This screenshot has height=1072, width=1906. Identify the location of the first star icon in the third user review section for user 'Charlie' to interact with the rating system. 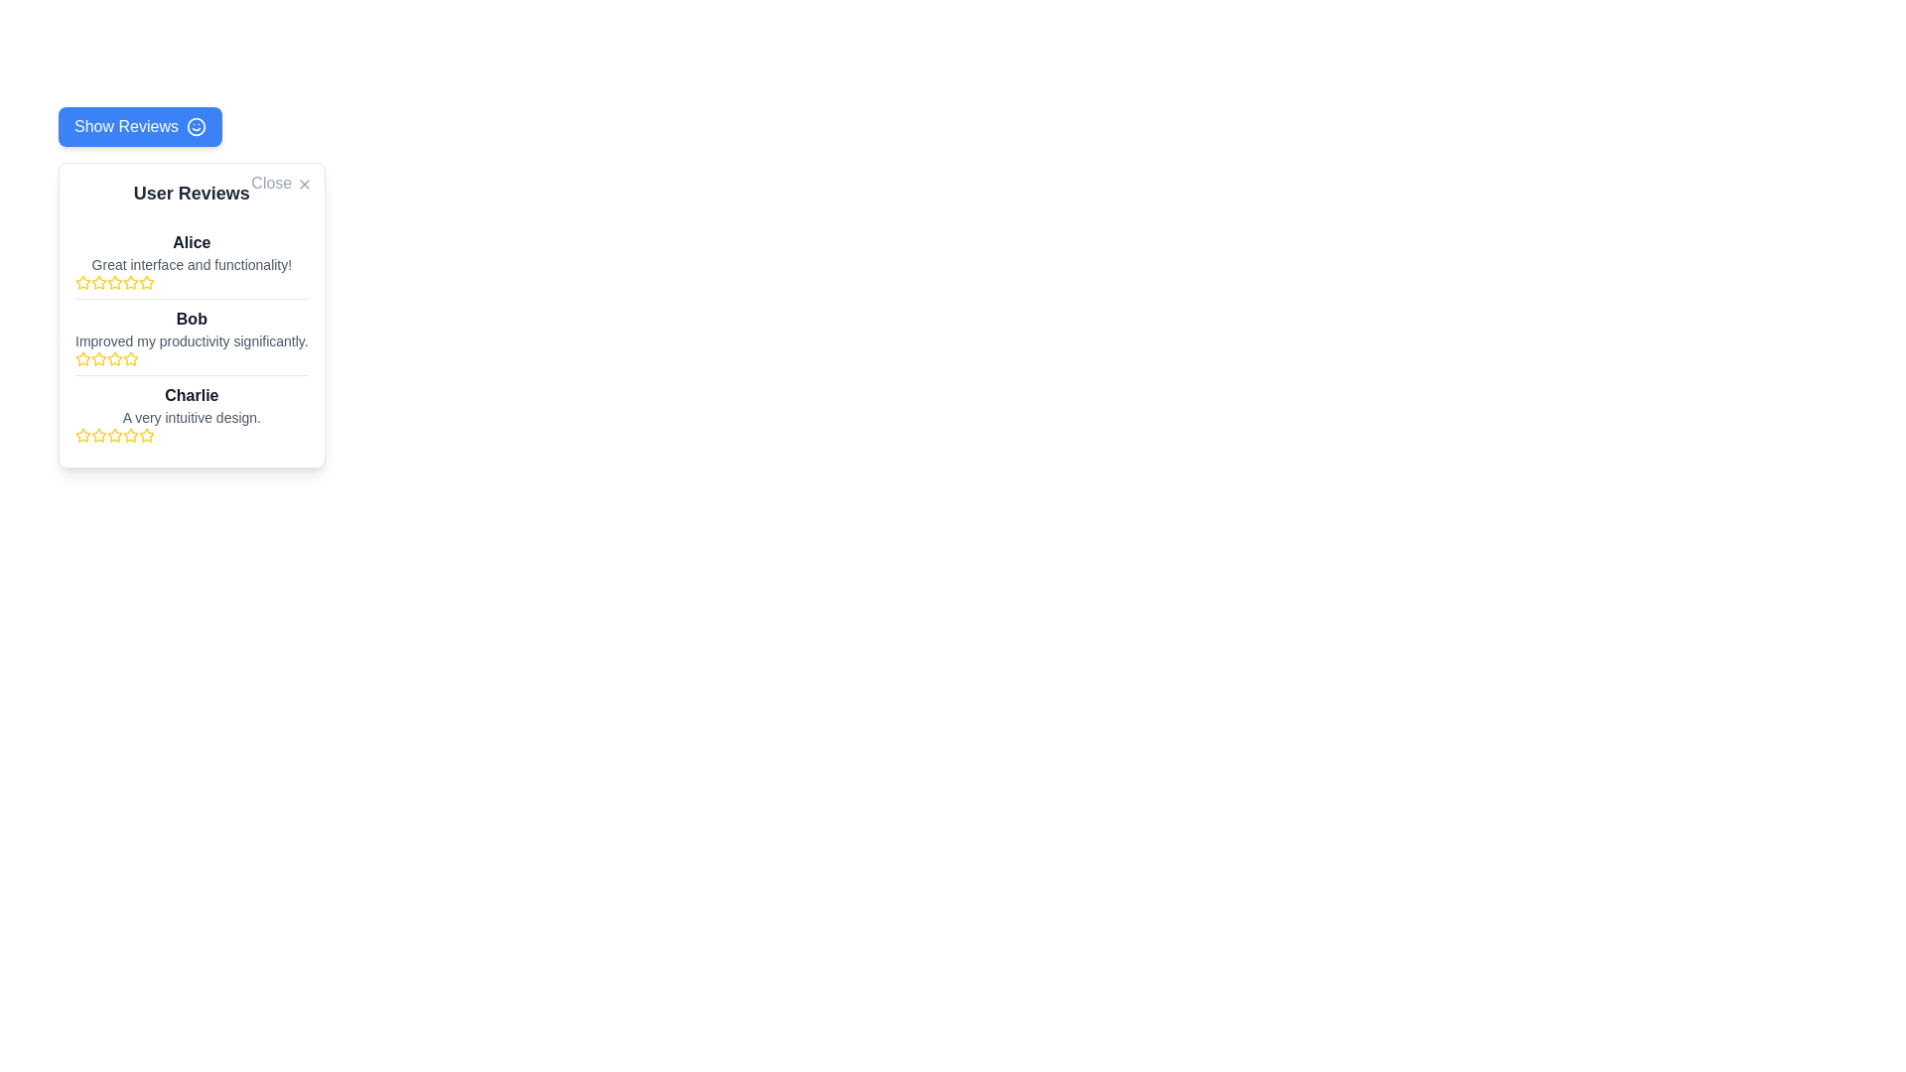
(81, 435).